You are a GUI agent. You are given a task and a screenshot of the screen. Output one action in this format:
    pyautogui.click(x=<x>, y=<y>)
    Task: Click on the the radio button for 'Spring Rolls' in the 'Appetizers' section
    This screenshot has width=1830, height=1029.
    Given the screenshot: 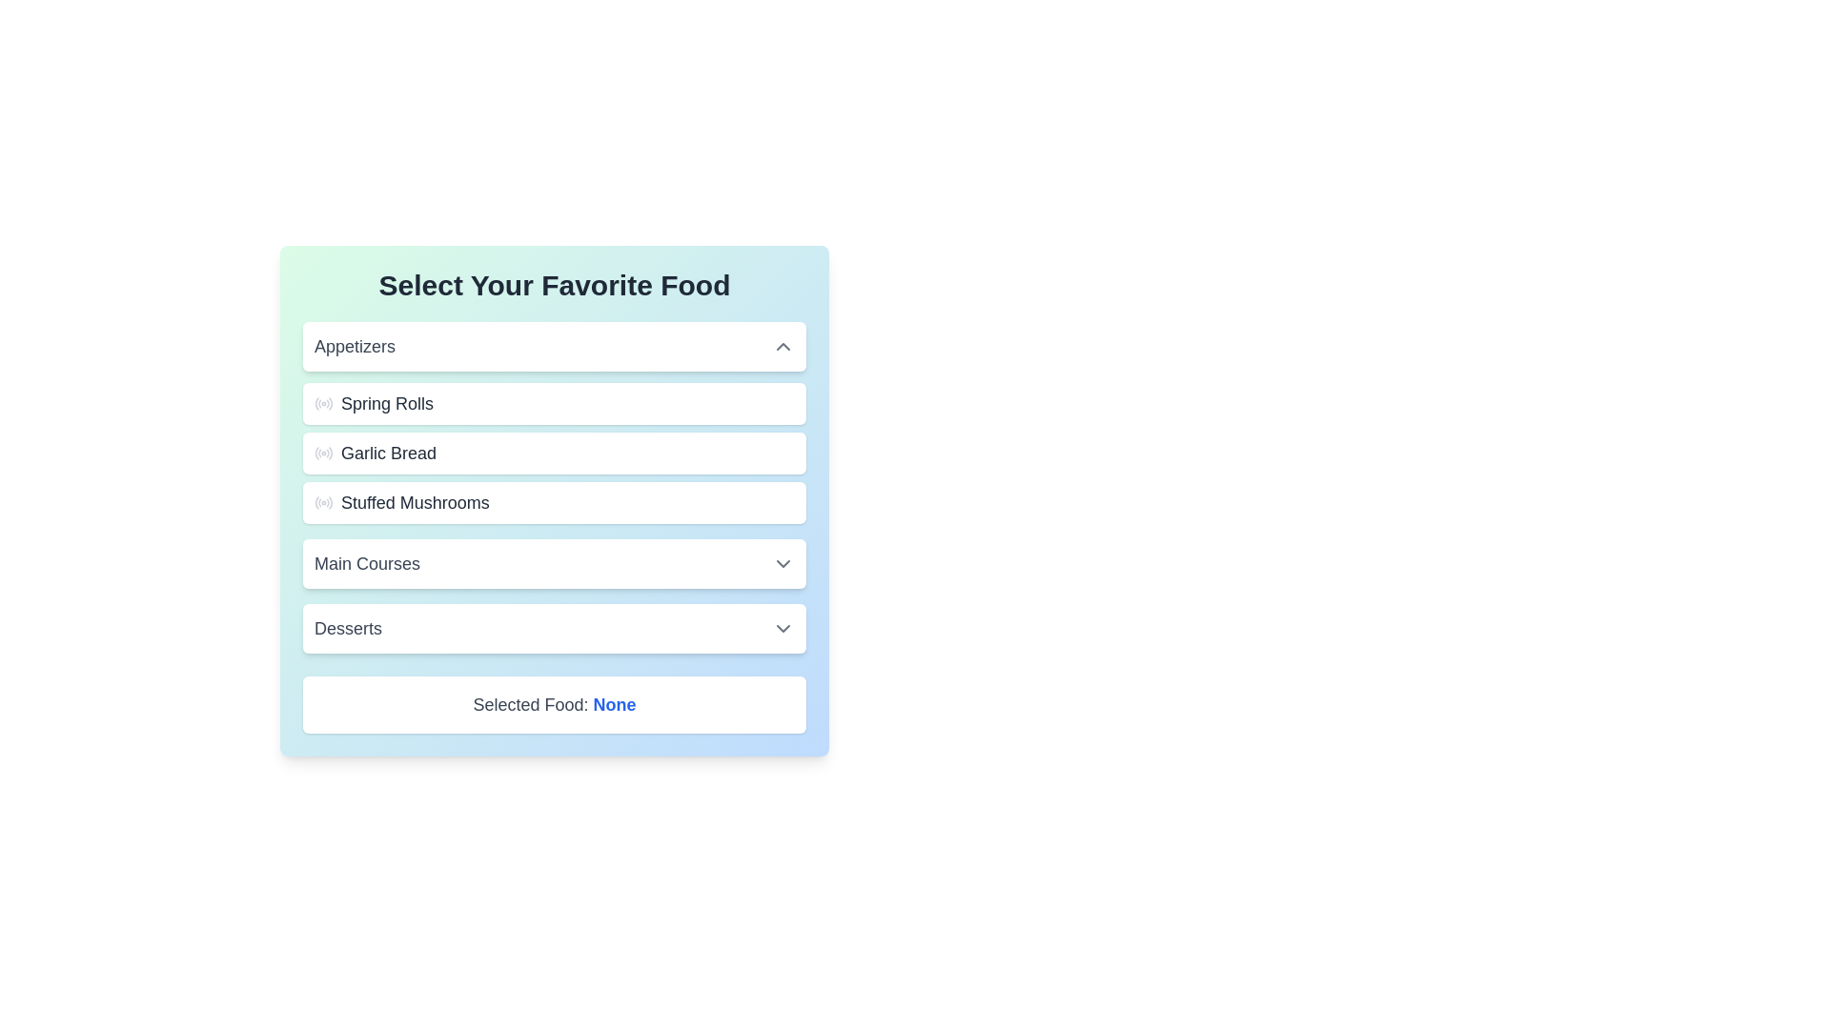 What is the action you would take?
    pyautogui.click(x=324, y=403)
    